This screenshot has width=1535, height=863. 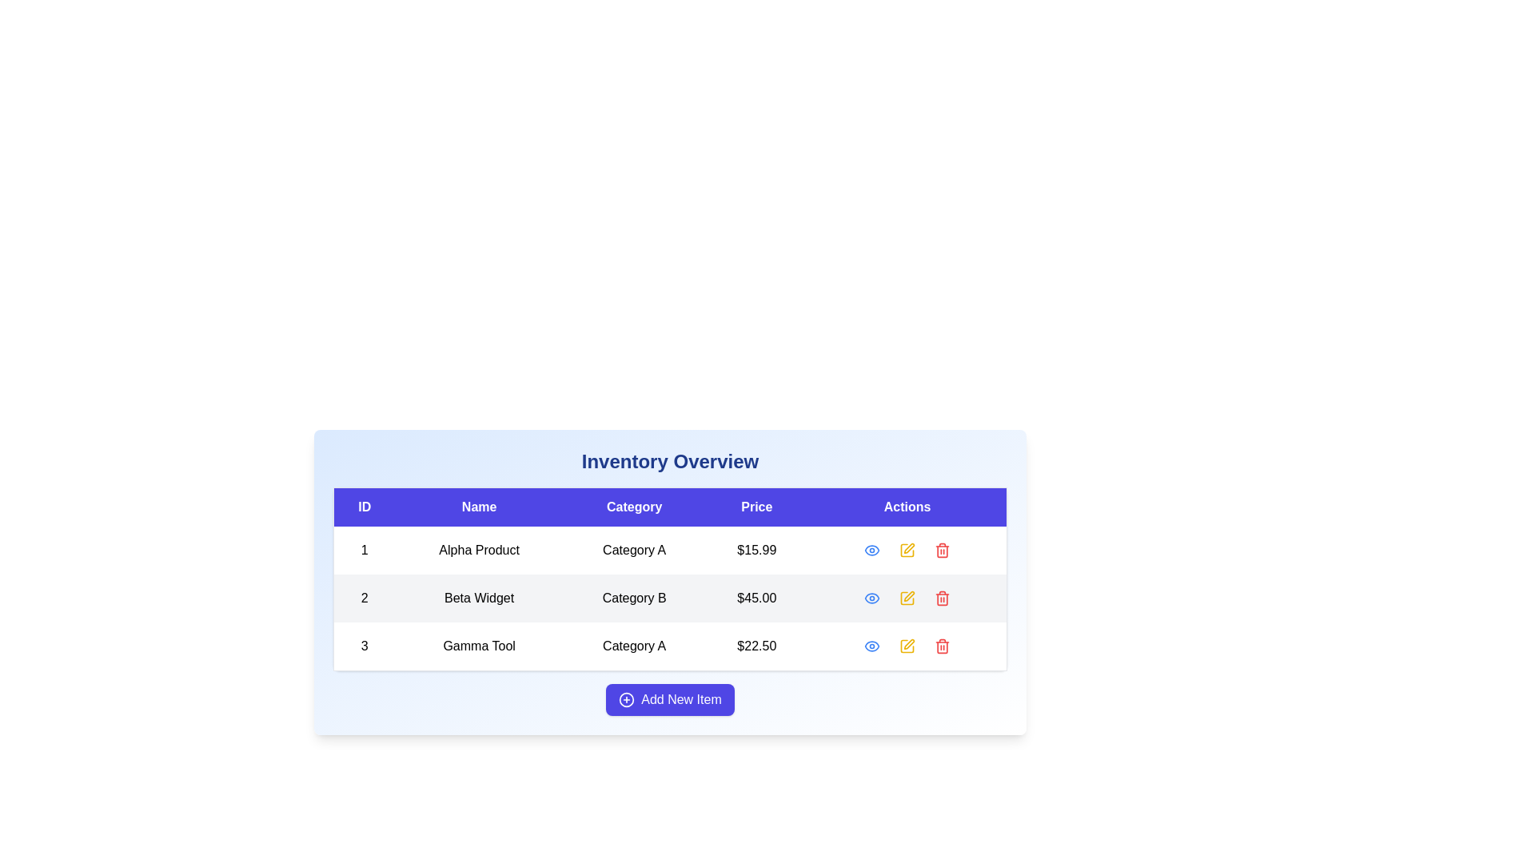 What do you see at coordinates (871, 646) in the screenshot?
I see `the eye-shaped icon with a blue outline in the 'Actions' column of the third row, related to the 'Gamma Tool'` at bounding box center [871, 646].